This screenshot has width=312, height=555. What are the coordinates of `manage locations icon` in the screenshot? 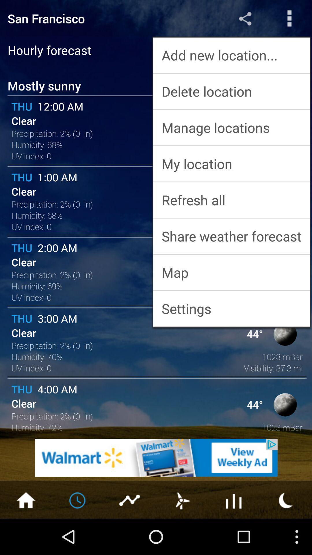 It's located at (231, 127).